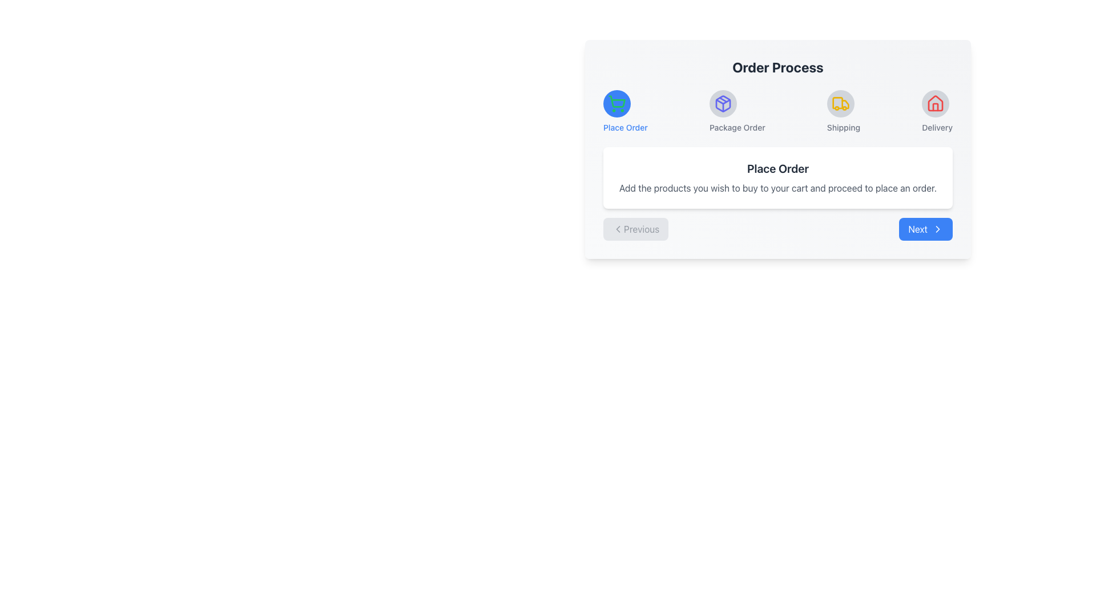 Image resolution: width=1096 pixels, height=616 pixels. I want to click on the 'Package Order' label with the blue package icon, so click(737, 112).